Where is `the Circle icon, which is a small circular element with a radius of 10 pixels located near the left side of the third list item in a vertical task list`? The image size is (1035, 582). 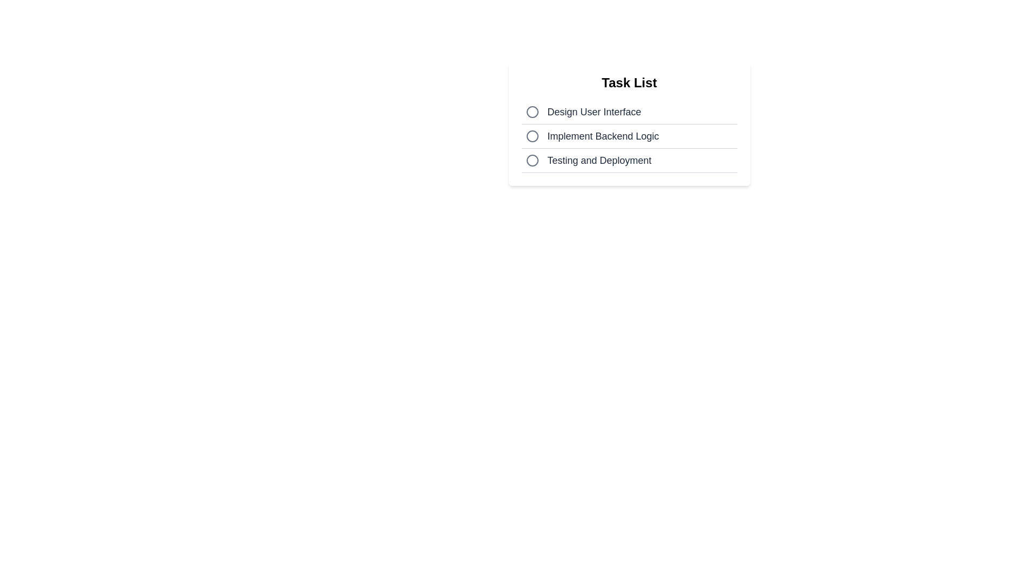 the Circle icon, which is a small circular element with a radius of 10 pixels located near the left side of the third list item in a vertical task list is located at coordinates (532, 160).